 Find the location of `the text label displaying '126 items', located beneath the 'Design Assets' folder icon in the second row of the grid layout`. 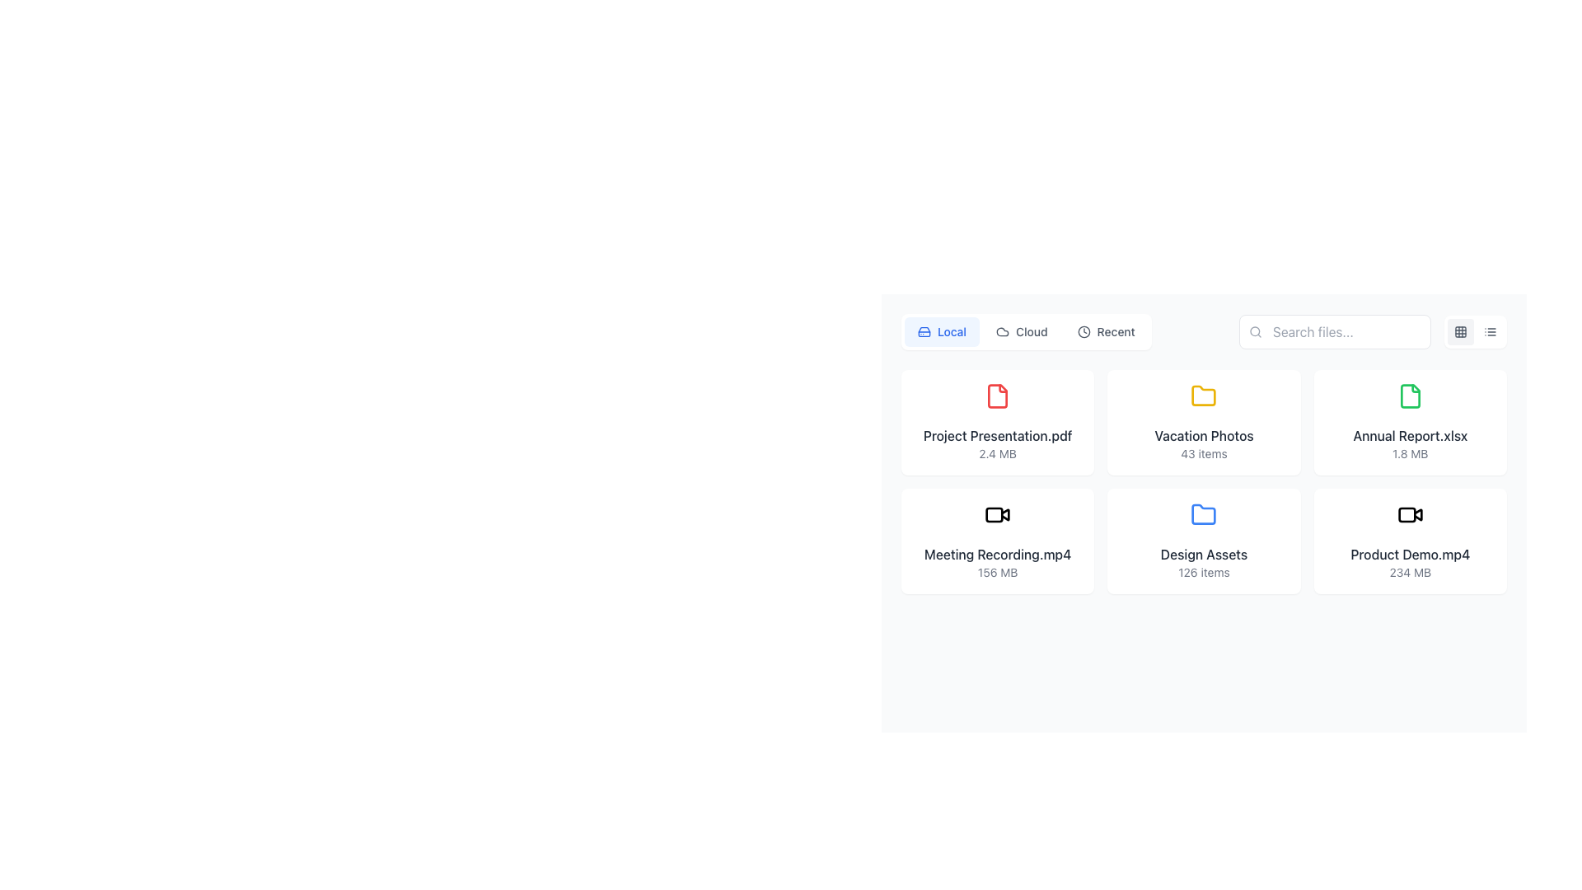

the text label displaying '126 items', located beneath the 'Design Assets' folder icon in the second row of the grid layout is located at coordinates (1204, 571).